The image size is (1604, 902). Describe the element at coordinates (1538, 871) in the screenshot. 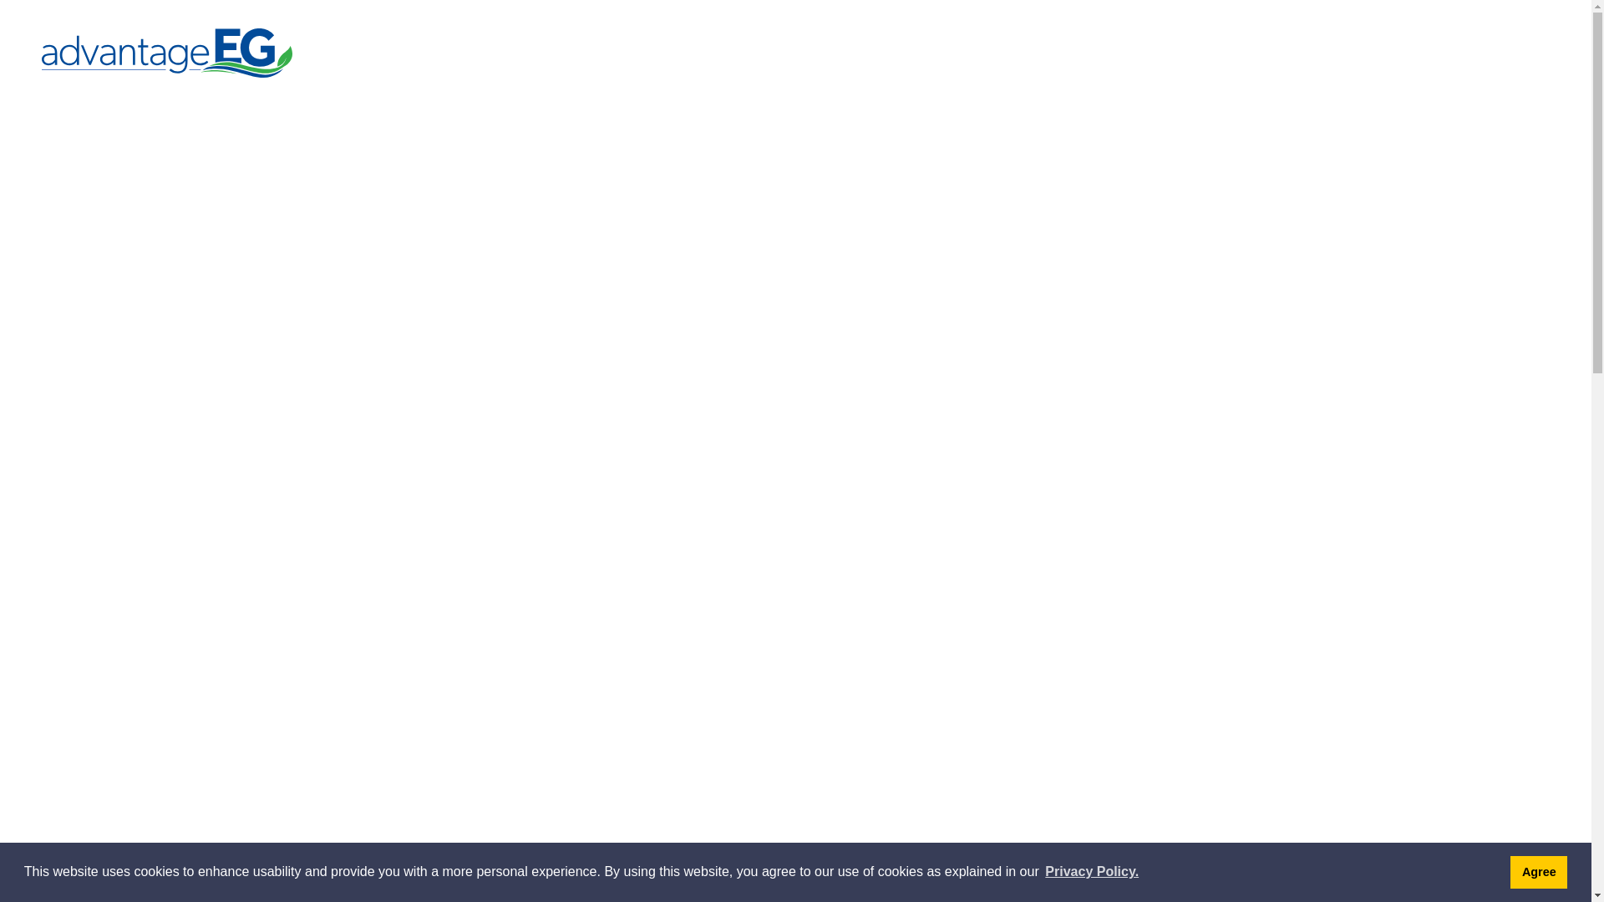

I see `'Agree'` at that location.